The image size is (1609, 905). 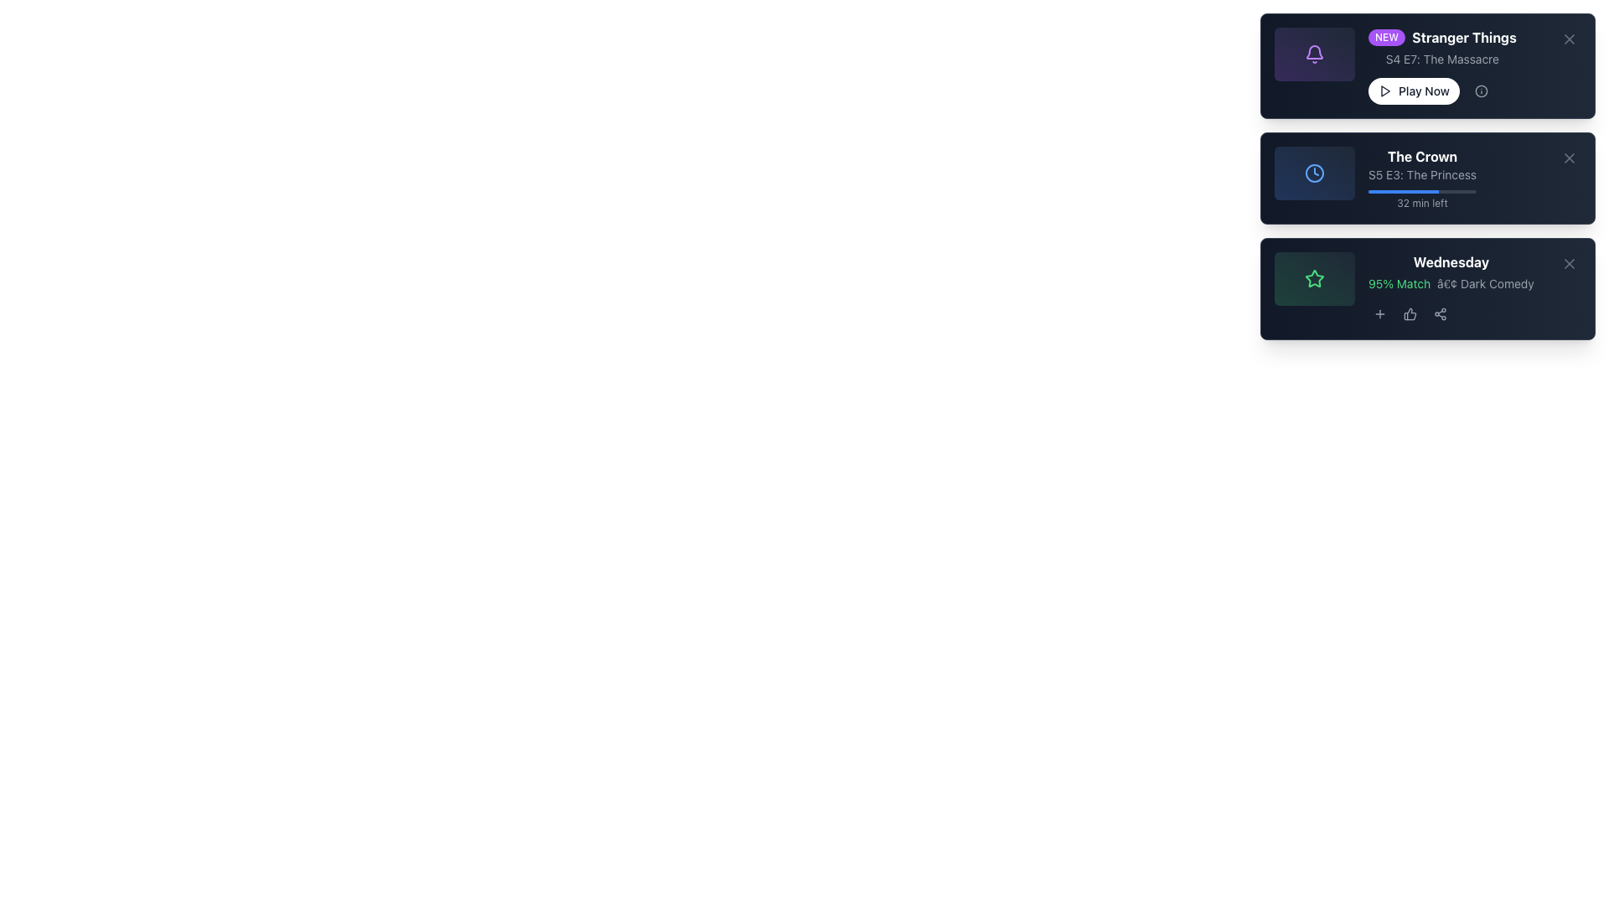 What do you see at coordinates (1568, 158) in the screenshot?
I see `the 'X' icon button in the top-right corner of 'The Crown' card` at bounding box center [1568, 158].